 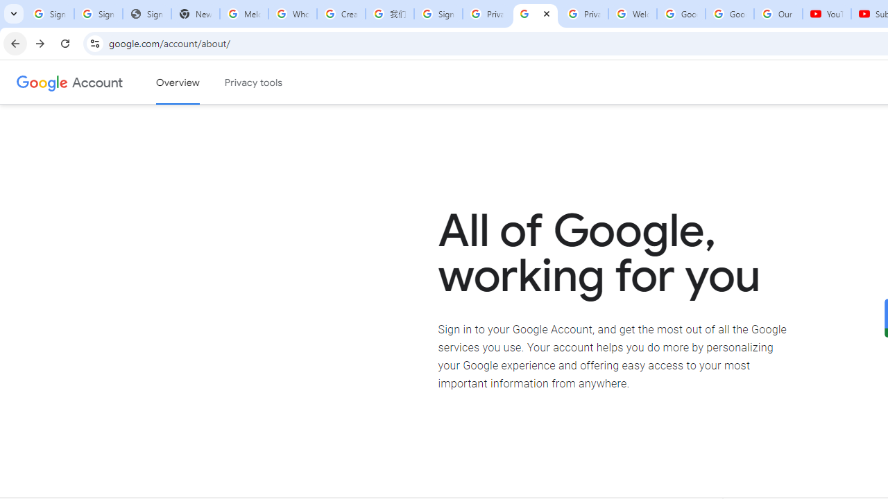 What do you see at coordinates (341, 14) in the screenshot?
I see `'Create your Google Account'` at bounding box center [341, 14].